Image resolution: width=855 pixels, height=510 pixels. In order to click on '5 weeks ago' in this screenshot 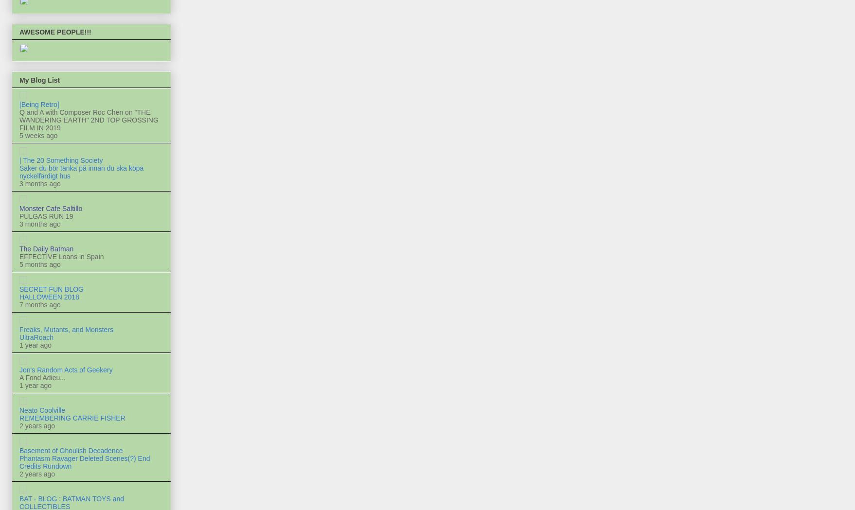, I will do `click(38, 134)`.